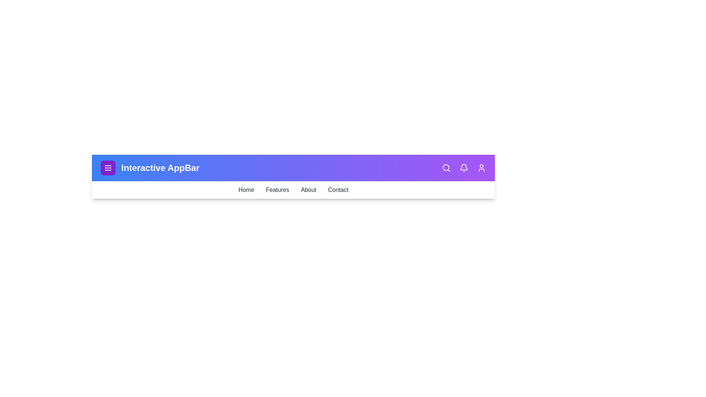 This screenshot has height=397, width=706. I want to click on the menu button to toggle the visibility of the menu, so click(107, 168).